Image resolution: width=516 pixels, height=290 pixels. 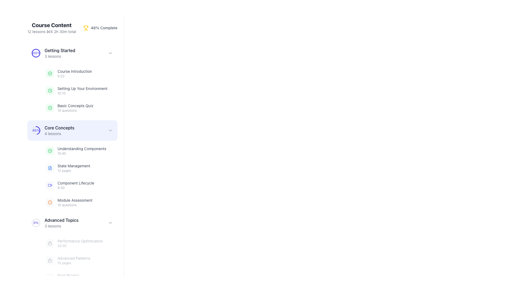 What do you see at coordinates (80, 185) in the screenshot?
I see `the third interactive list item labeled 'Component Lifecycle' with a video icon` at bounding box center [80, 185].